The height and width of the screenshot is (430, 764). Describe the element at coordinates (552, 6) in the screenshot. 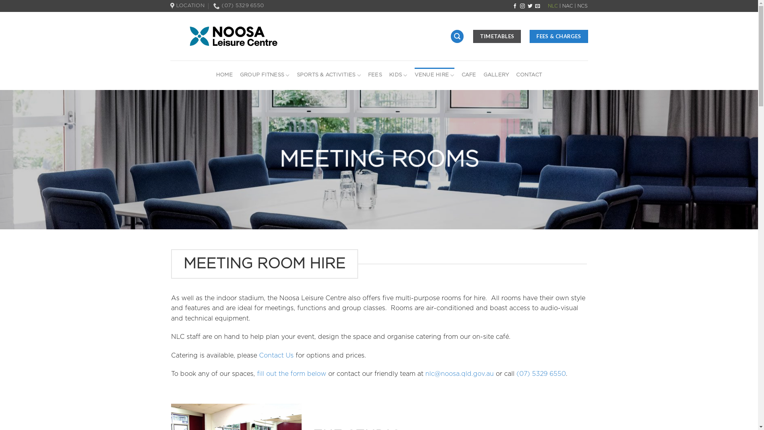

I see `'NLC'` at that location.